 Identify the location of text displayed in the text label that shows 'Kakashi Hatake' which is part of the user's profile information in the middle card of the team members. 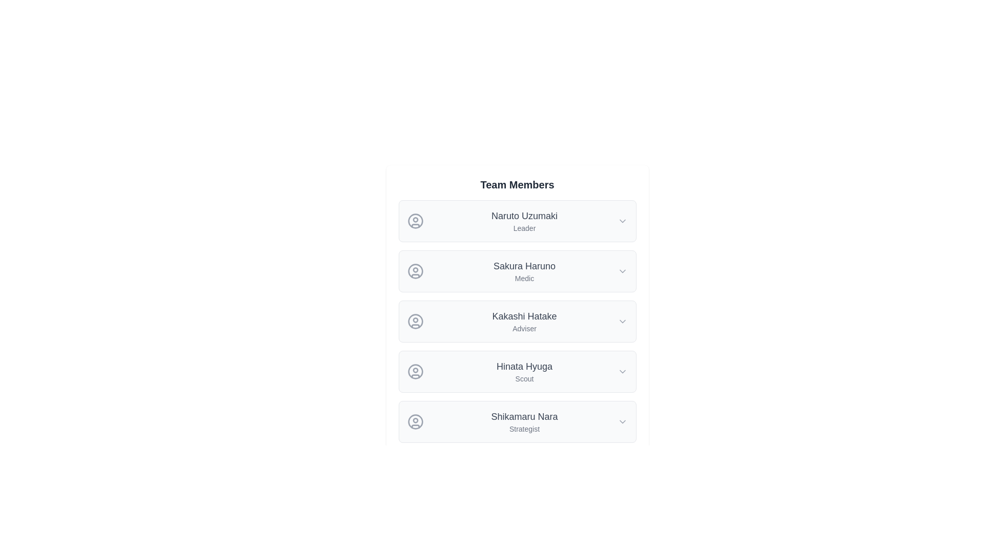
(524, 315).